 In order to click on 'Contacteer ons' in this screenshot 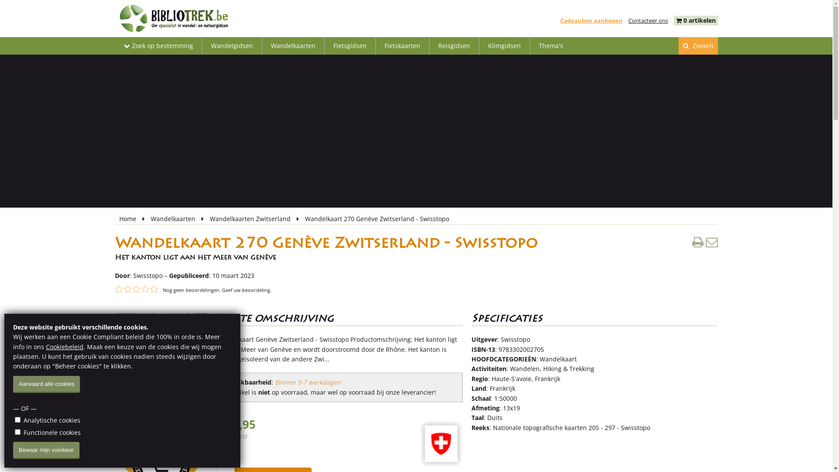, I will do `click(628, 20)`.